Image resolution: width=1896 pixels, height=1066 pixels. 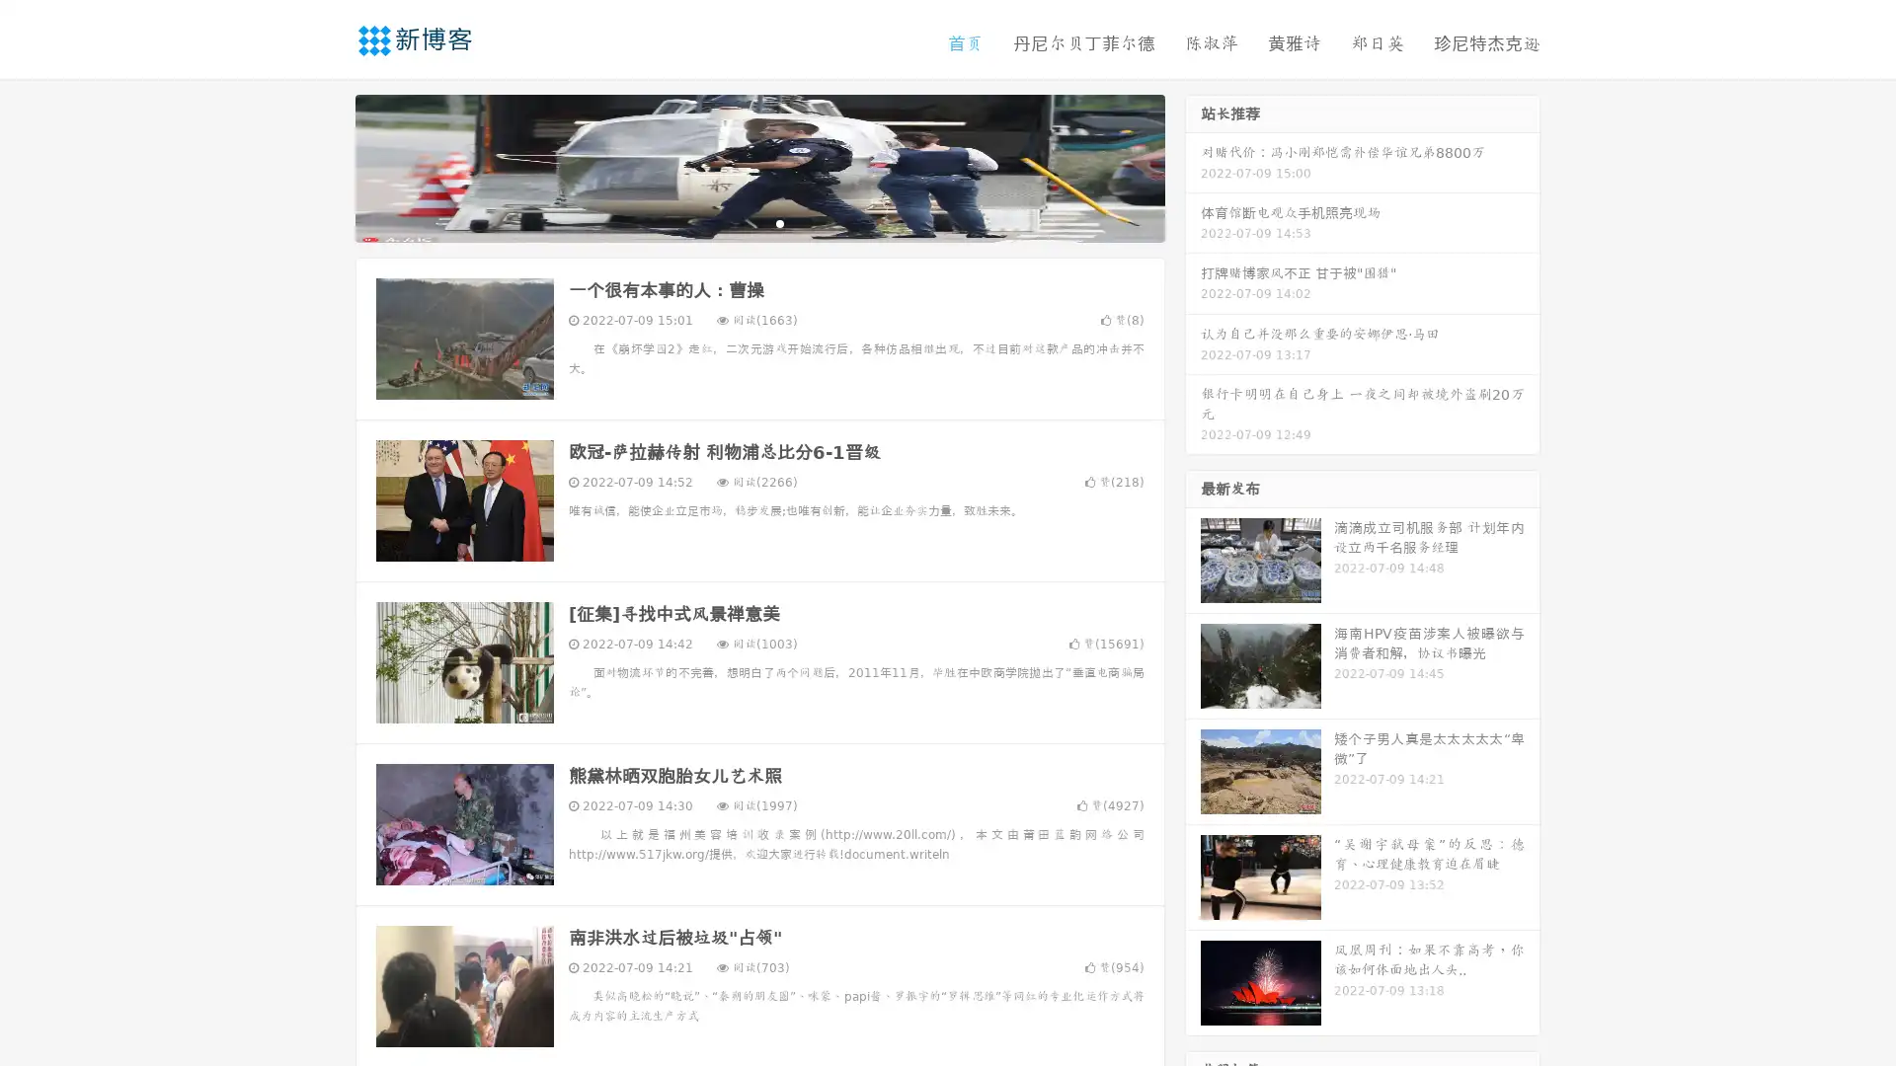 I want to click on Go to slide 1, so click(x=739, y=222).